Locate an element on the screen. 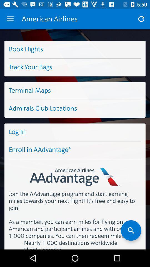 Image resolution: width=150 pixels, height=267 pixels. icon at the bottom right corner is located at coordinates (131, 230).